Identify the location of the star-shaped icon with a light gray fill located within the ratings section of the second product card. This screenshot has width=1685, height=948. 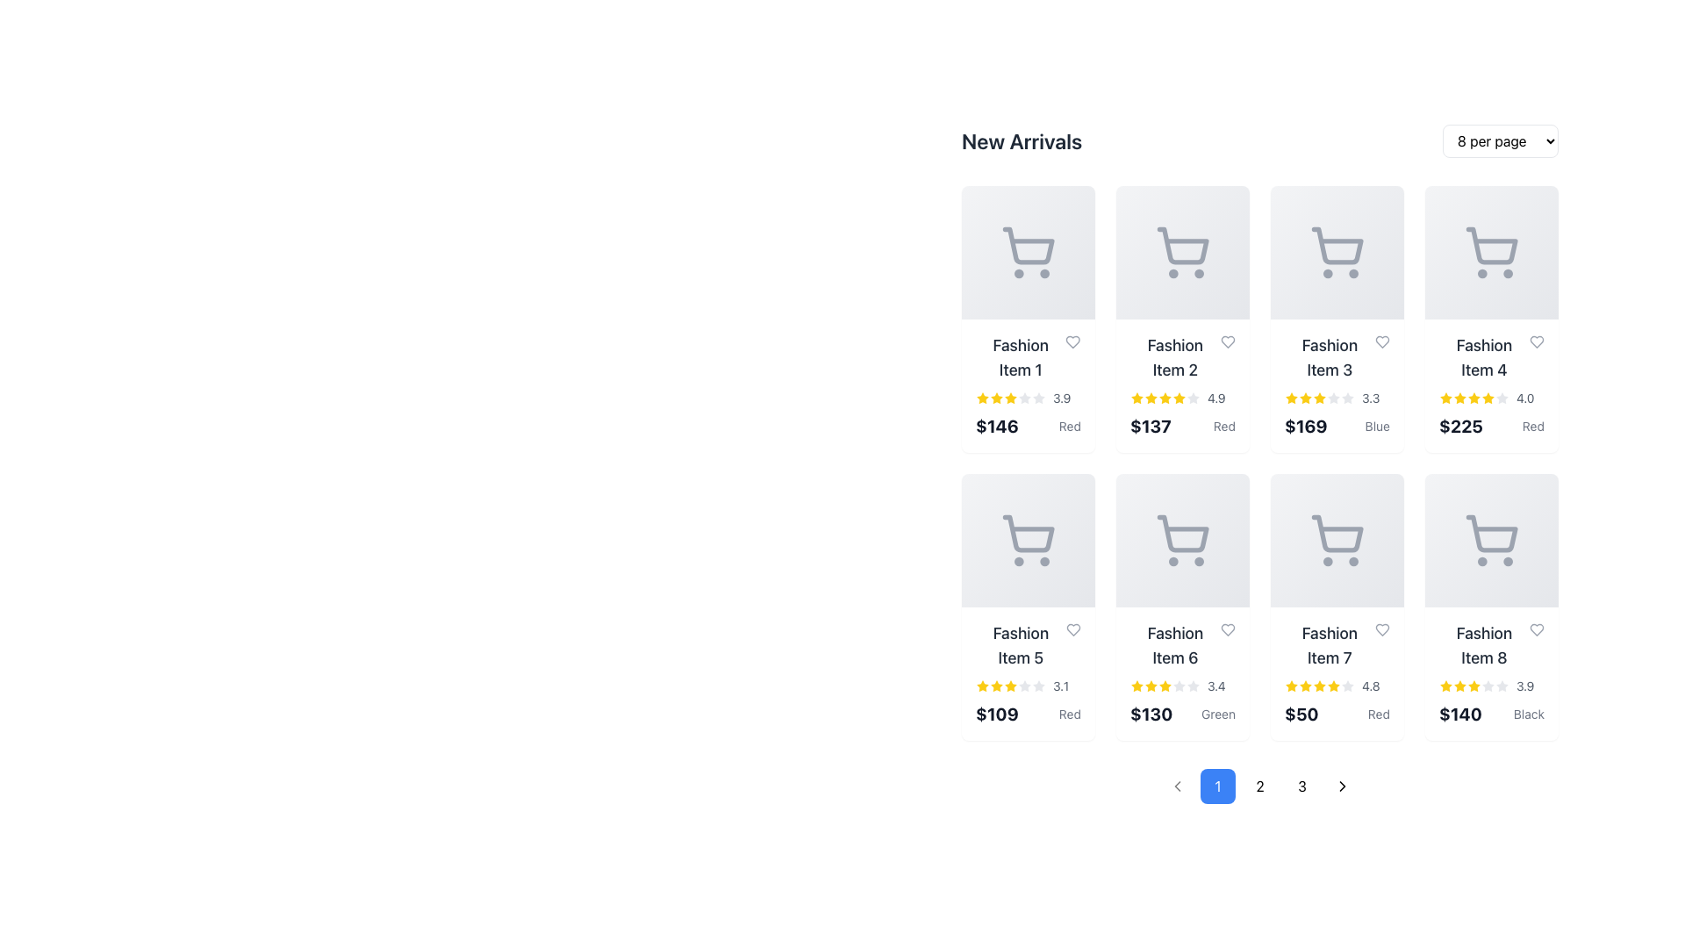
(1193, 398).